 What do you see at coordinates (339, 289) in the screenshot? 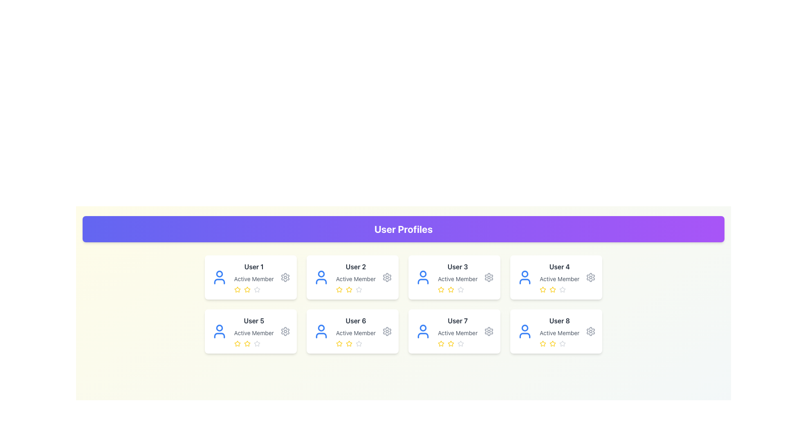
I see `the first yellow star icon in the rating system associated with 'User 2'` at bounding box center [339, 289].